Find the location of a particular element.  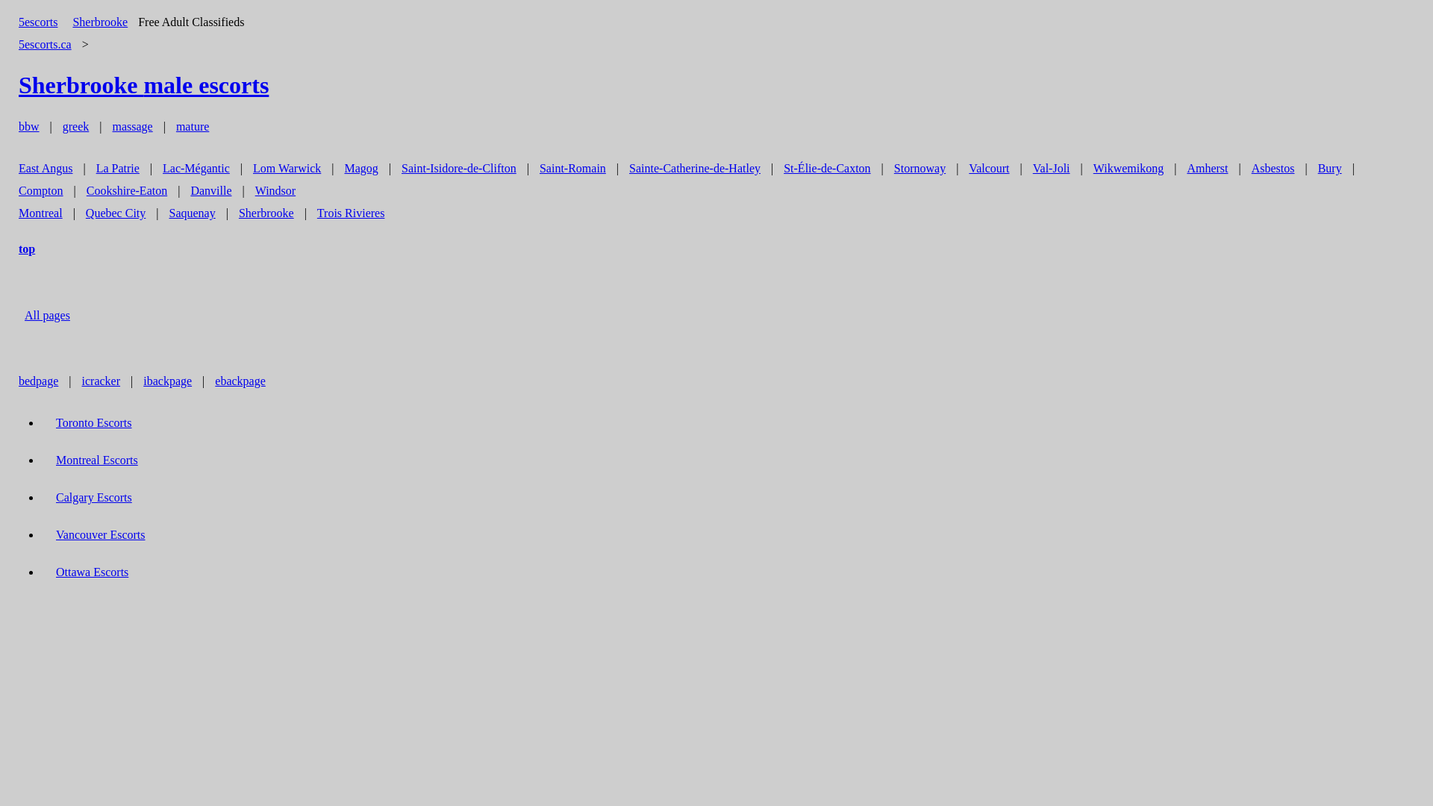

'Cookshire-Eaton' is located at coordinates (126, 190).